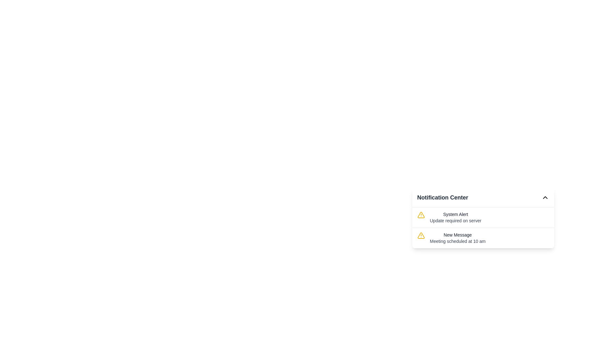  Describe the element at coordinates (458, 235) in the screenshot. I see `text displayed in the Text Label located in the lower section of the Notification Center, which serves as the title for the notification message` at that location.